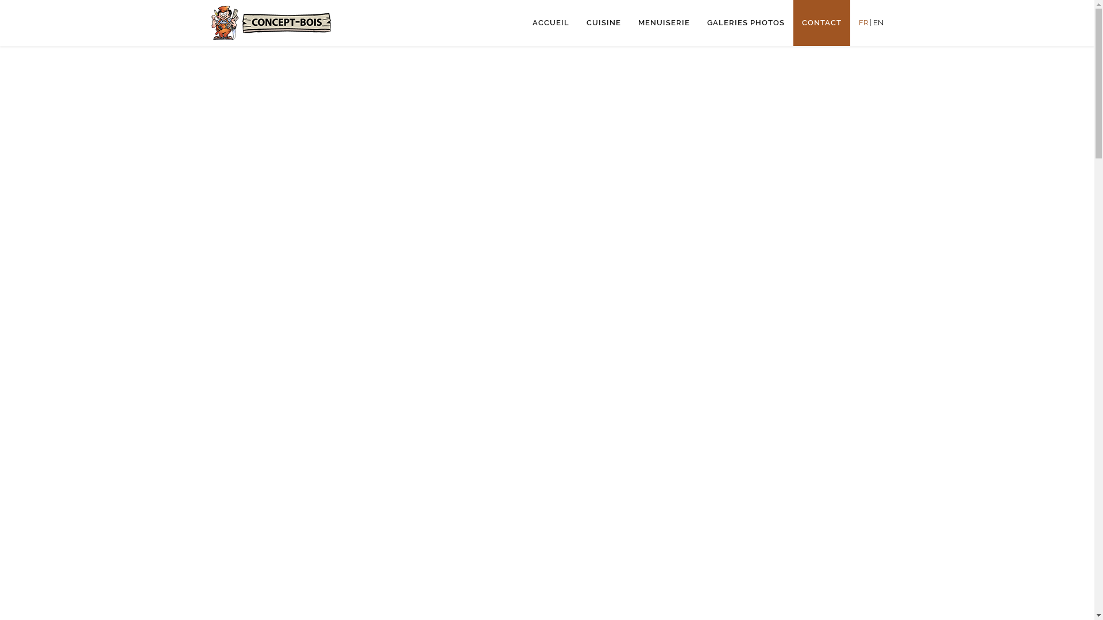  What do you see at coordinates (550, 22) in the screenshot?
I see `'ACCUEIL'` at bounding box center [550, 22].